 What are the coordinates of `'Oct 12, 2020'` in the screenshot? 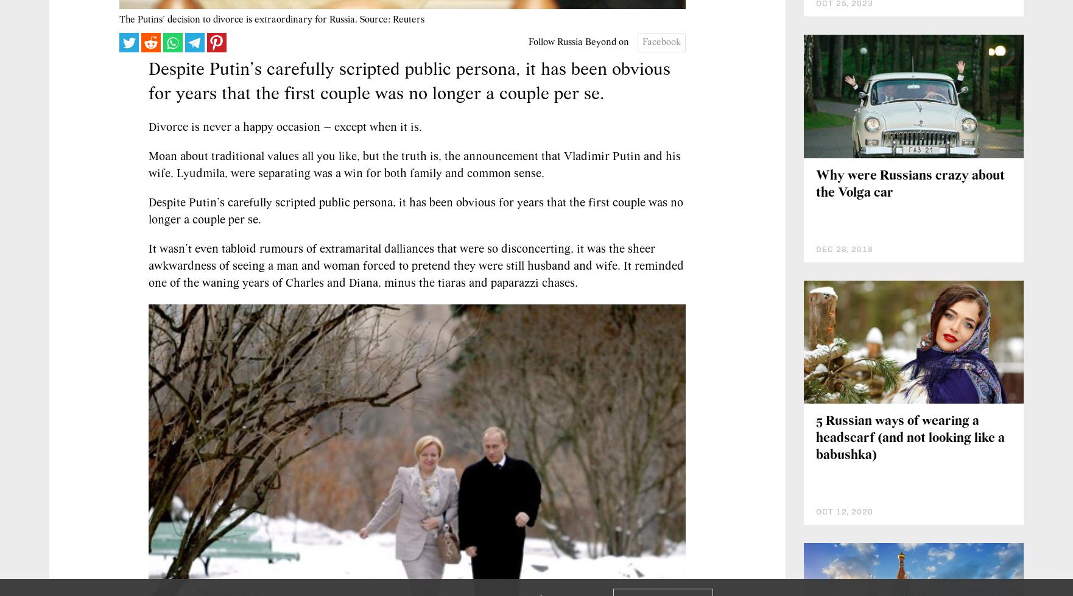 It's located at (815, 511).